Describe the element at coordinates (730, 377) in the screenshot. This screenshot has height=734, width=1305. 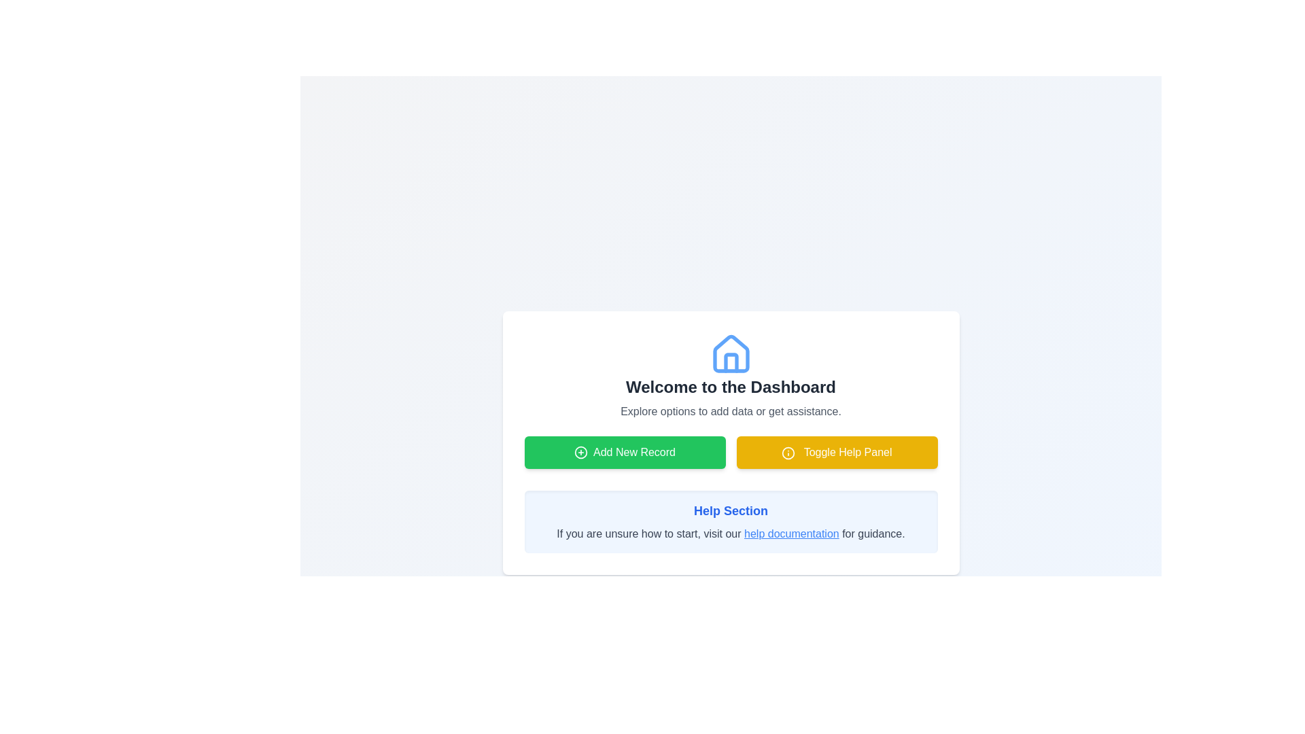
I see `displayed message on the Information Display Component, which features a house icon and the text 'Welcome to the Dashboard' and 'Explore options to add data or get assistance.'` at that location.